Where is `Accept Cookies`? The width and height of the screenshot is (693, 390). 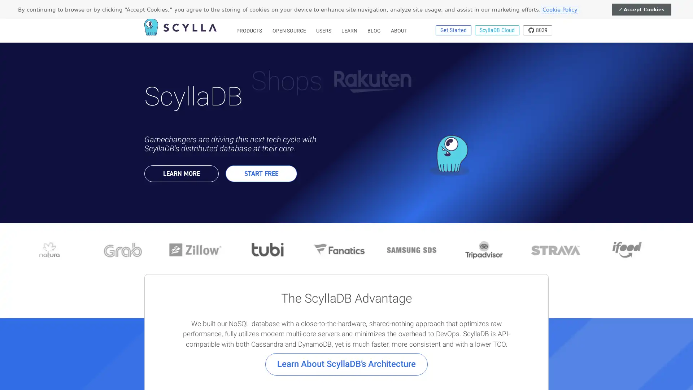
Accept Cookies is located at coordinates (641, 9).